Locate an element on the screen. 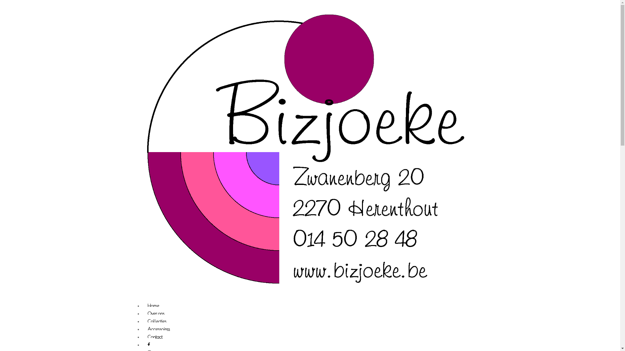 The image size is (625, 351). 'Over ons' is located at coordinates (156, 314).